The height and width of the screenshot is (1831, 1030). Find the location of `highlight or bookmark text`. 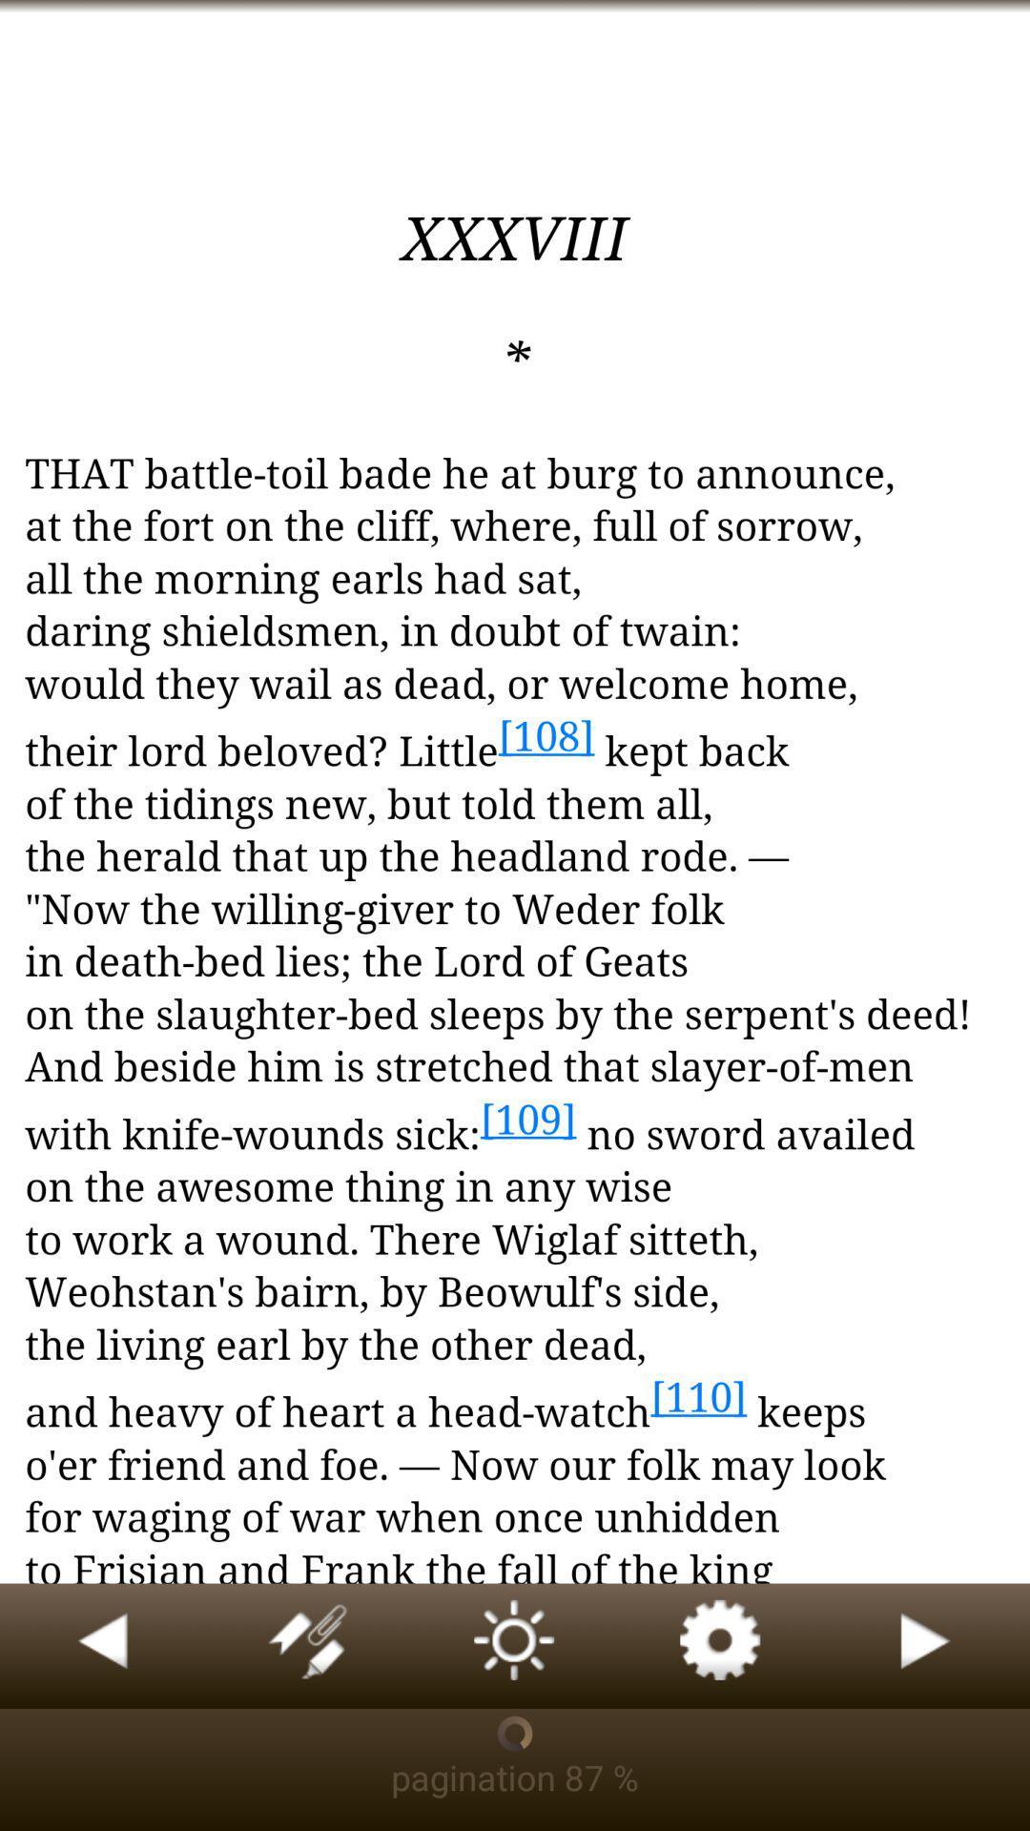

highlight or bookmark text is located at coordinates (308, 1645).